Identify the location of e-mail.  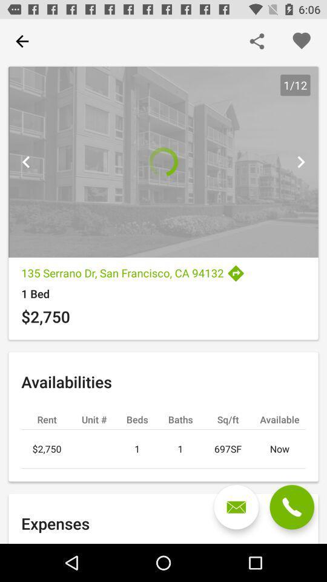
(236, 507).